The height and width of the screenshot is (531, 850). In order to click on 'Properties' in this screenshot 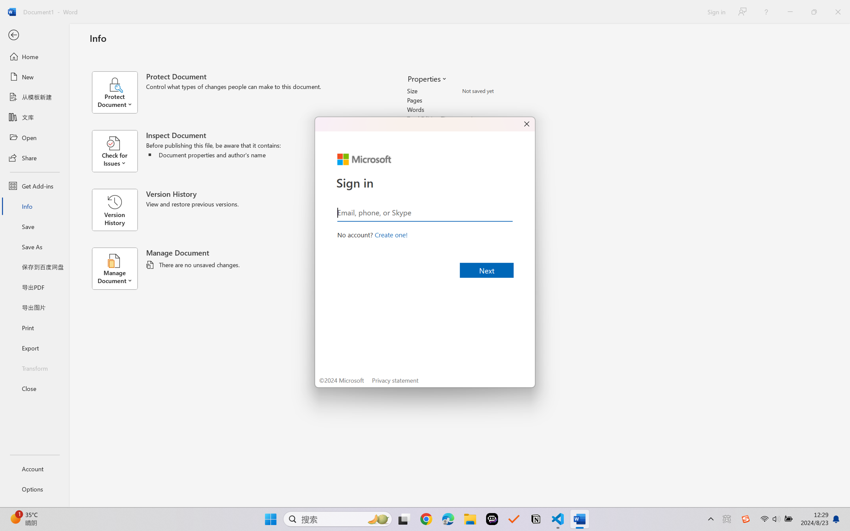, I will do `click(426, 78)`.